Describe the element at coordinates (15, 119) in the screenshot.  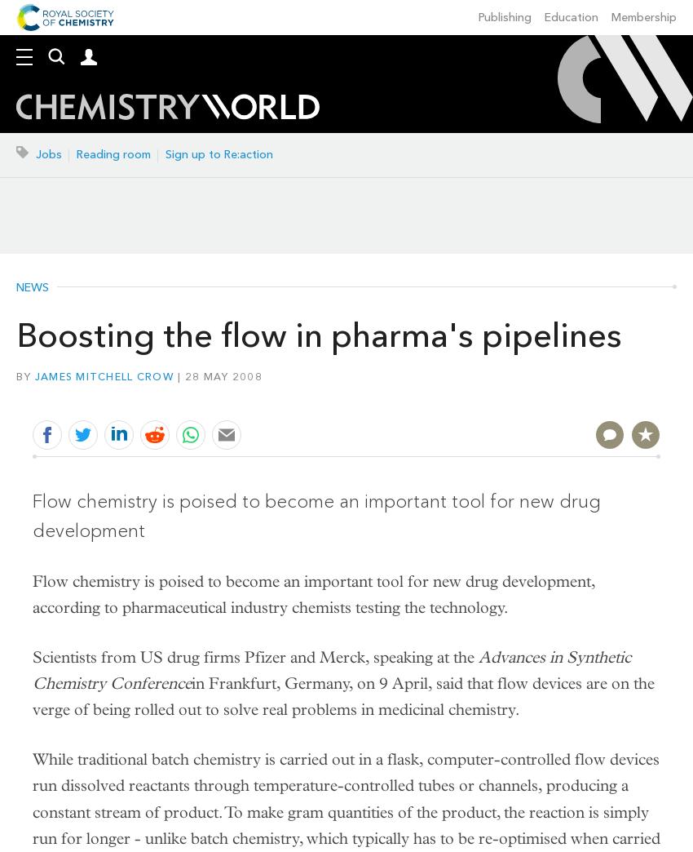
I see `'Subscribe'` at that location.